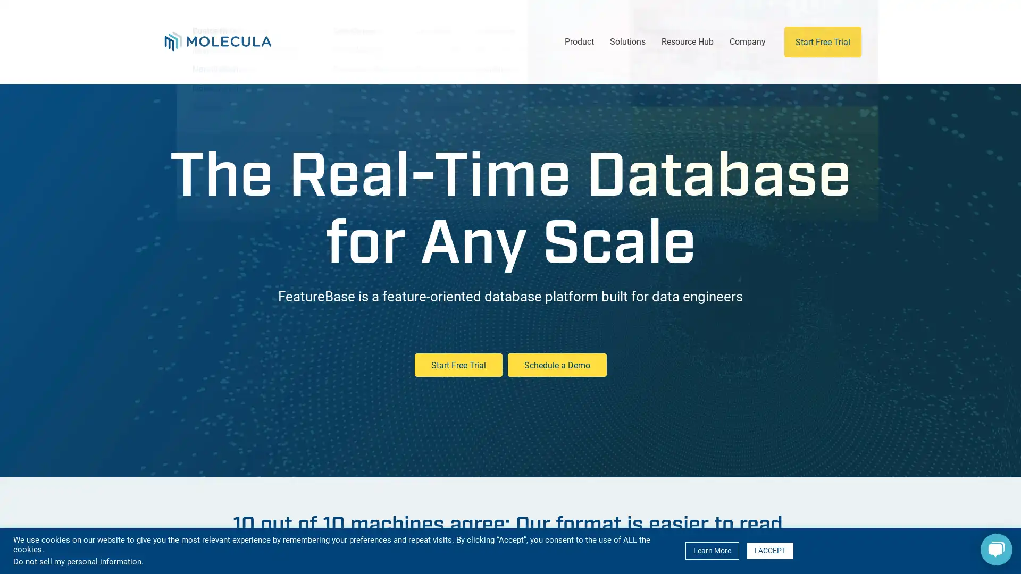 Image resolution: width=1021 pixels, height=574 pixels. What do you see at coordinates (770, 550) in the screenshot?
I see `I ACCEPT` at bounding box center [770, 550].